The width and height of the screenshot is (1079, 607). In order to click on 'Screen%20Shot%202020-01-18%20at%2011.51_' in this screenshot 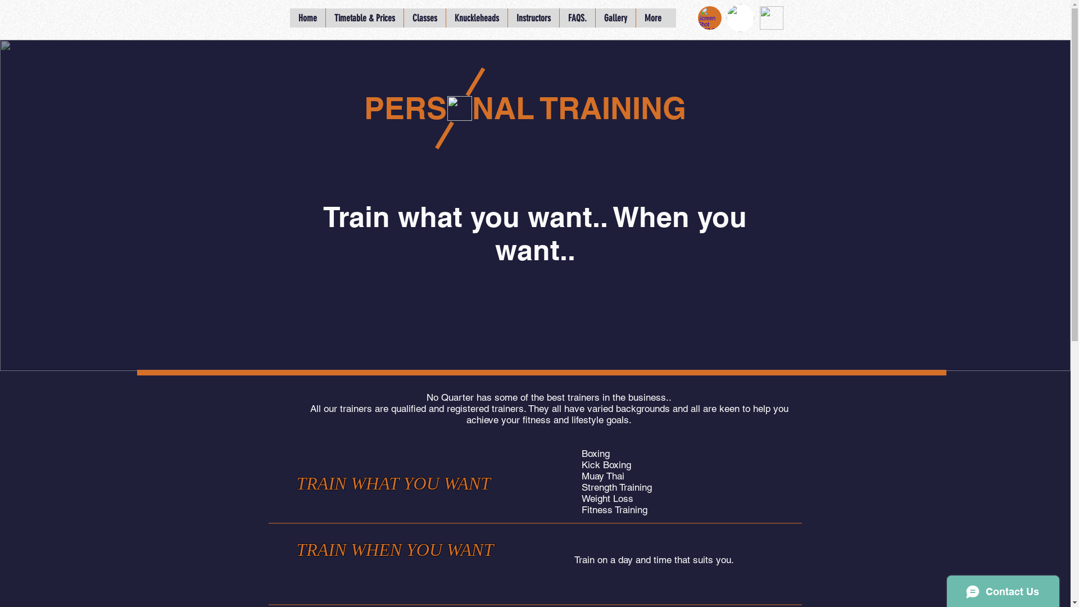, I will do `click(726, 17)`.